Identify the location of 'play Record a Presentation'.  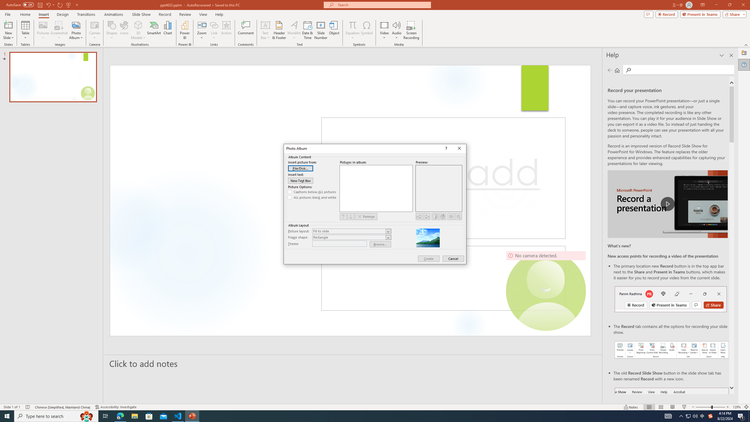
(667, 204).